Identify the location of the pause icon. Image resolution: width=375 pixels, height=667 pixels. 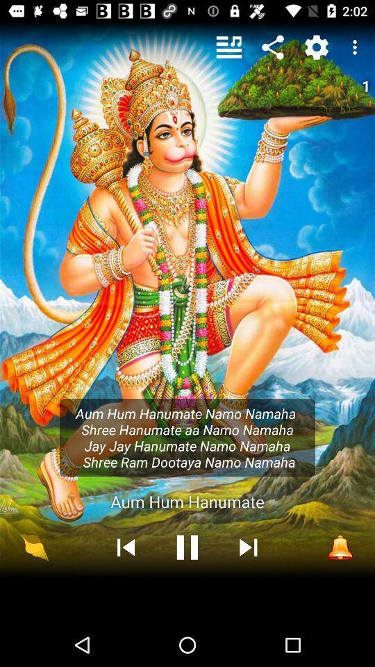
(187, 547).